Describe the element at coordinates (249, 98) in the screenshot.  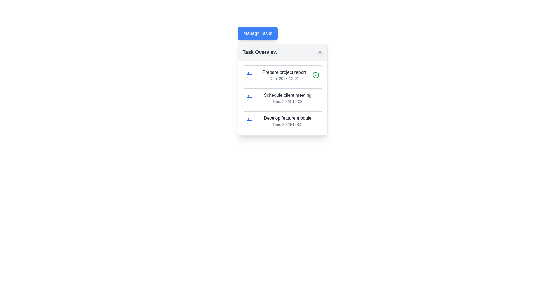
I see `the decorative component inside the calendar icon for the task 'Schedule client meeting', which is a rectangular shape with rounded corners` at that location.